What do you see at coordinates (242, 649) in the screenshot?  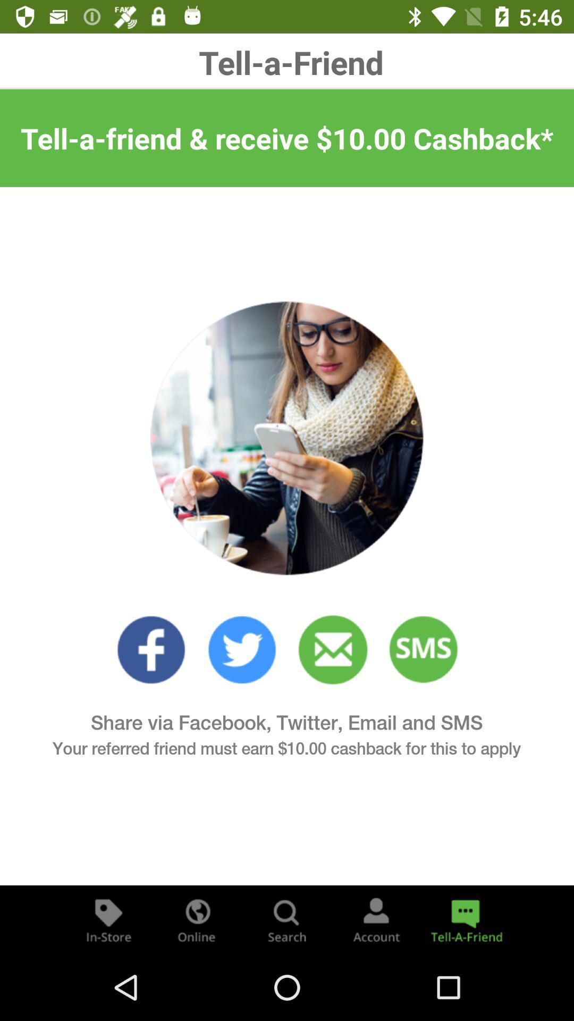 I see `click on a site` at bounding box center [242, 649].